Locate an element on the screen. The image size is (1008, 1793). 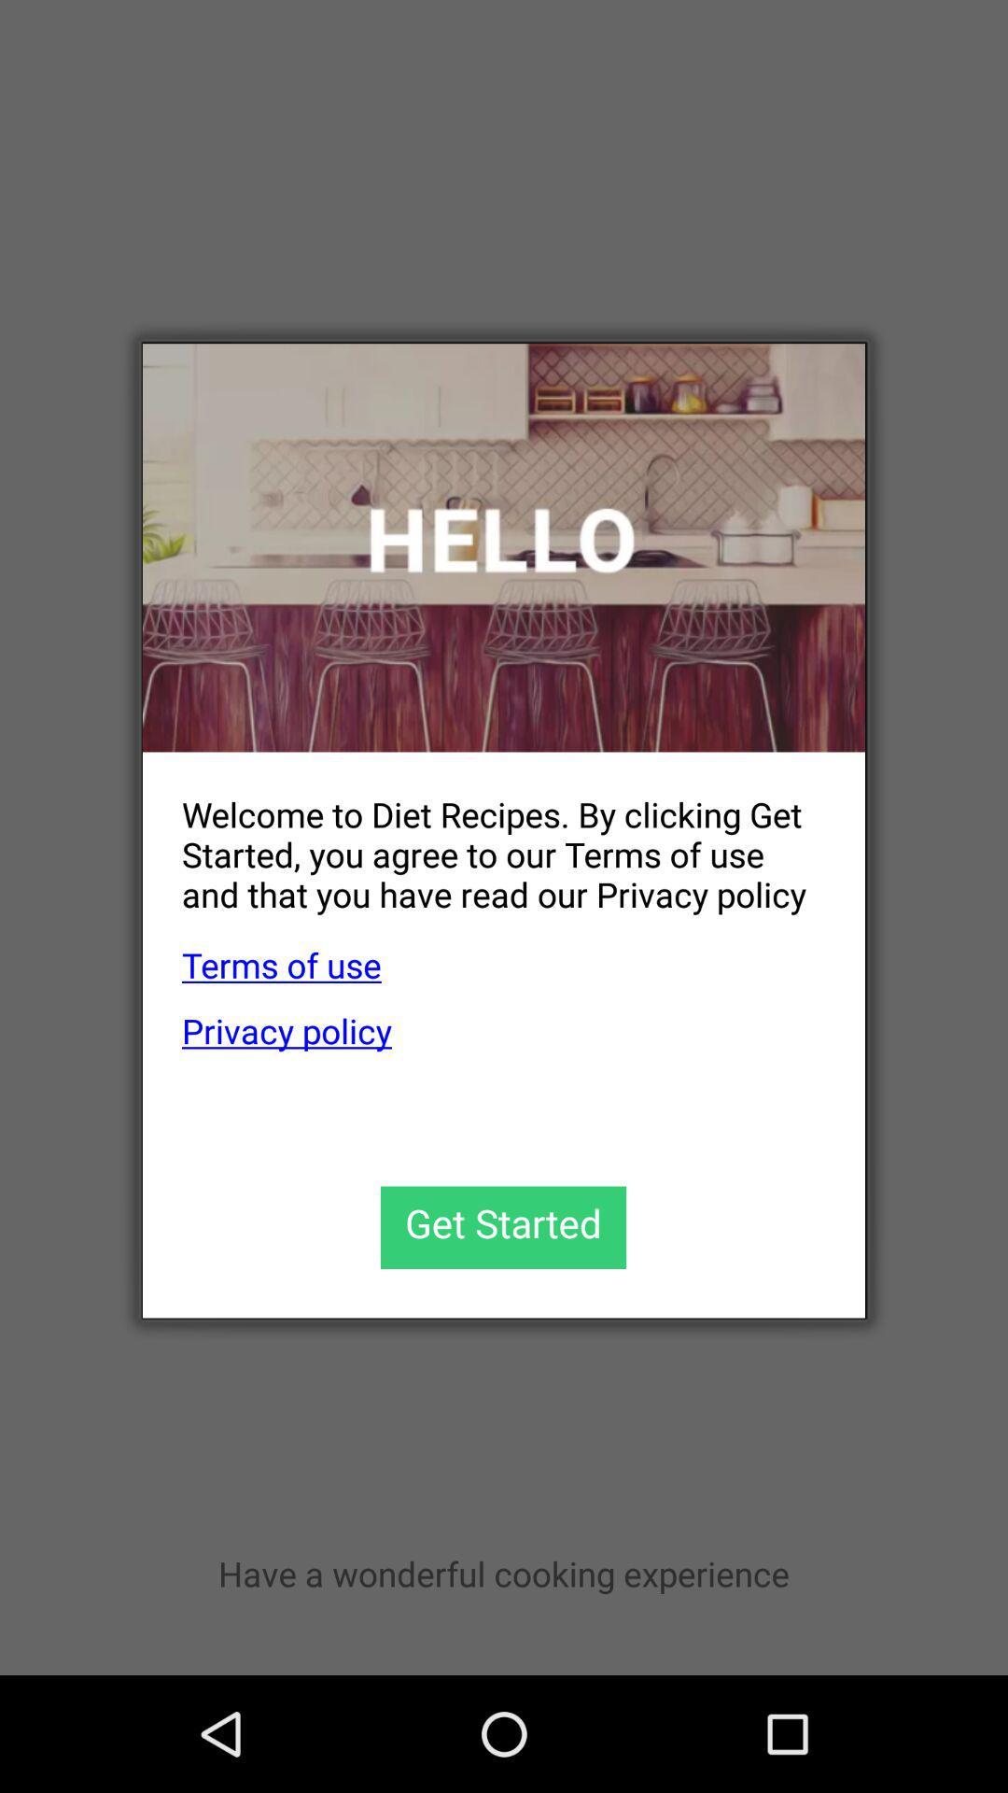
continue to use app is located at coordinates (502, 1227).